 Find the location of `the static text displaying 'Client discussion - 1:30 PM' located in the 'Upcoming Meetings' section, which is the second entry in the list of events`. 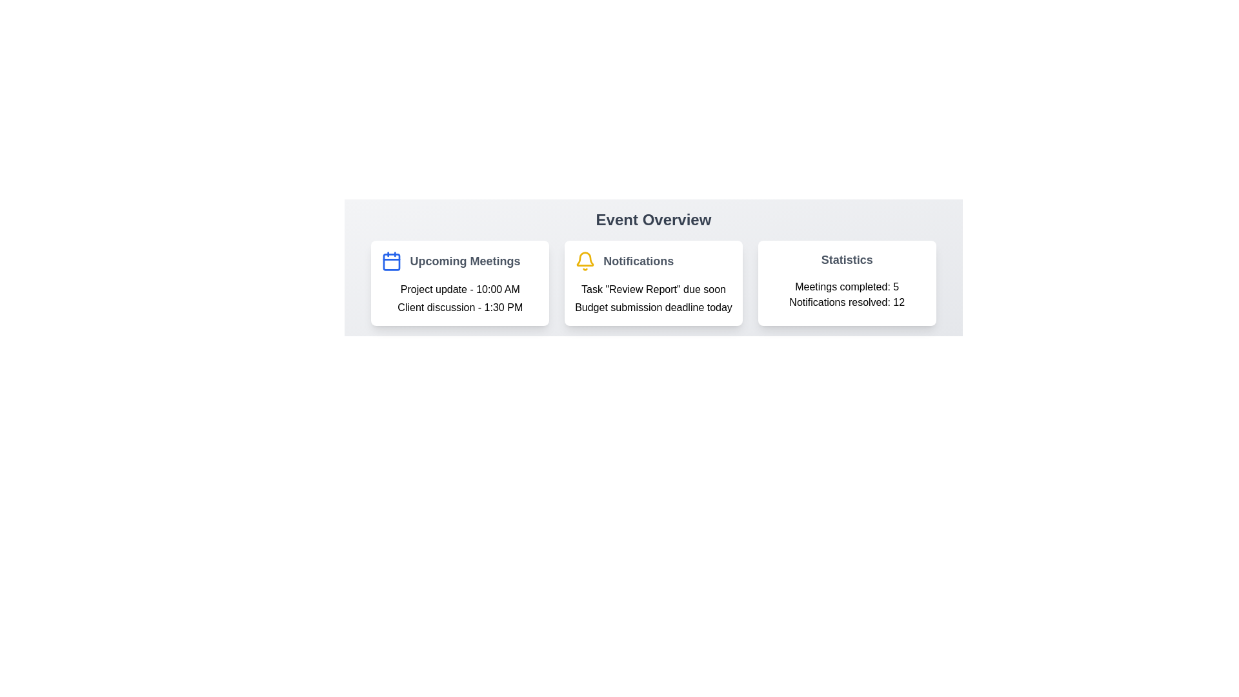

the static text displaying 'Client discussion - 1:30 PM' located in the 'Upcoming Meetings' section, which is the second entry in the list of events is located at coordinates (460, 308).